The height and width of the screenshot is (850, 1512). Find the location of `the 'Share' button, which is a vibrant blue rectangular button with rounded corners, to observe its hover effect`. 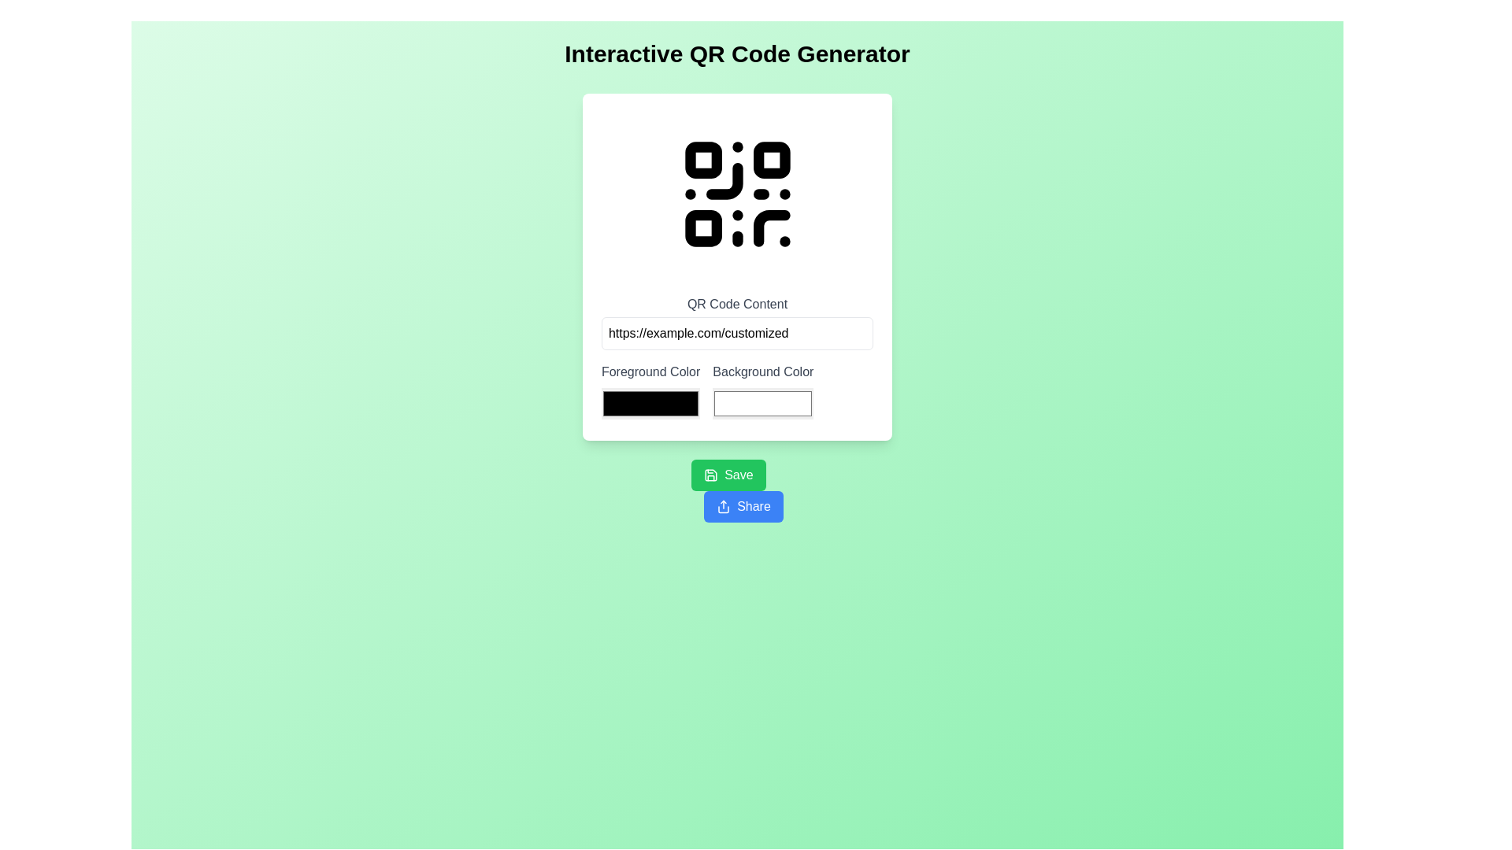

the 'Share' button, which is a vibrant blue rectangular button with rounded corners, to observe its hover effect is located at coordinates (743, 507).